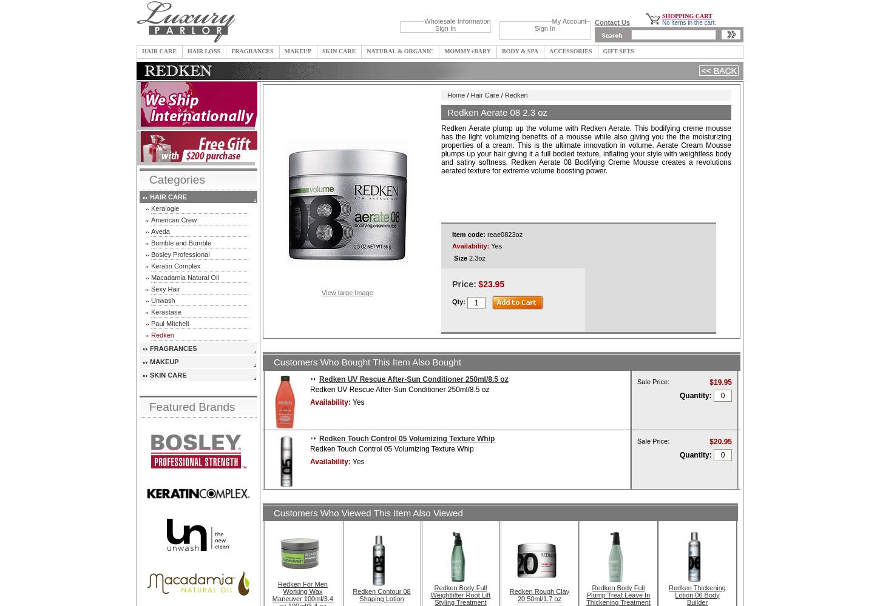 This screenshot has height=606, width=880. Describe the element at coordinates (688, 22) in the screenshot. I see `'No items in the cart.'` at that location.